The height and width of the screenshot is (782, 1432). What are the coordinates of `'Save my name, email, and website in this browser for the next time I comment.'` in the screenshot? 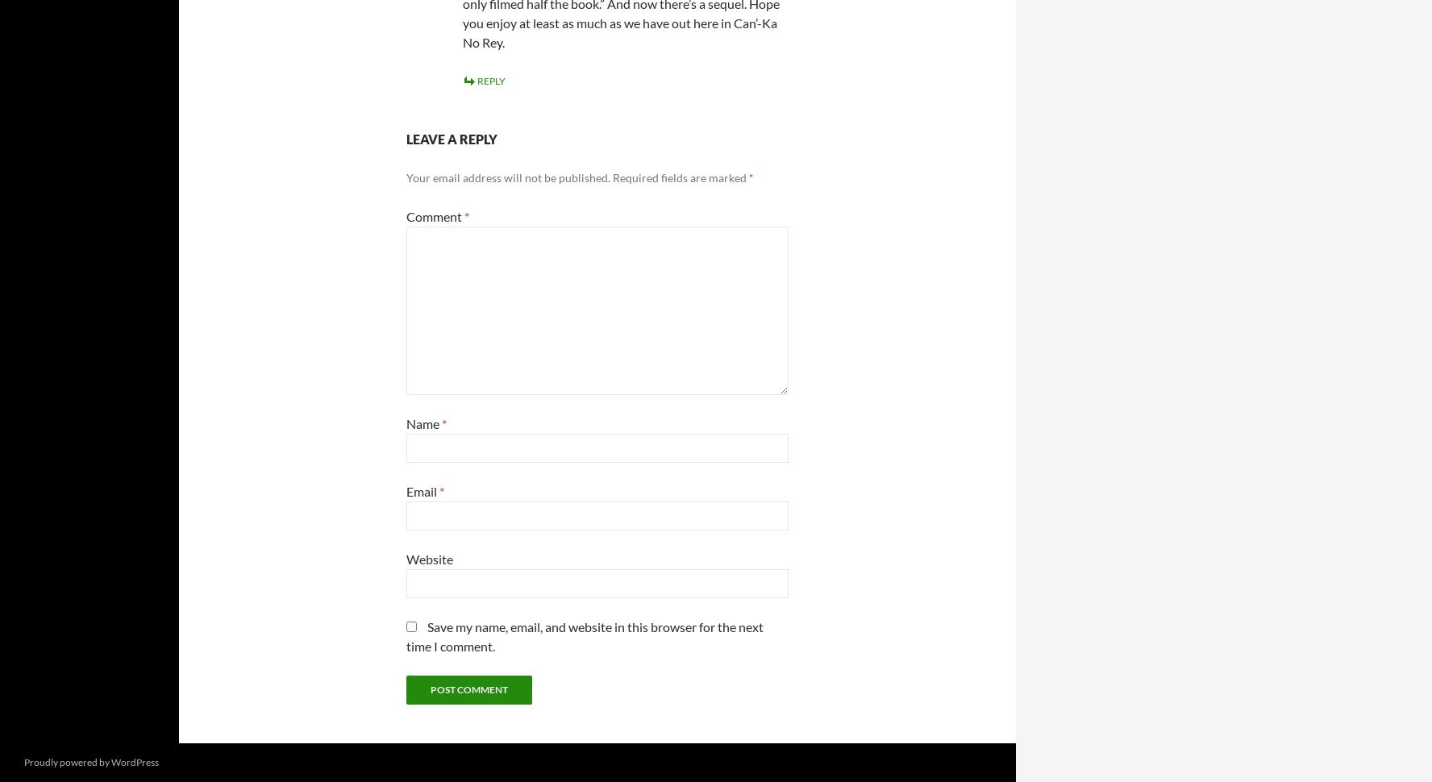 It's located at (585, 635).